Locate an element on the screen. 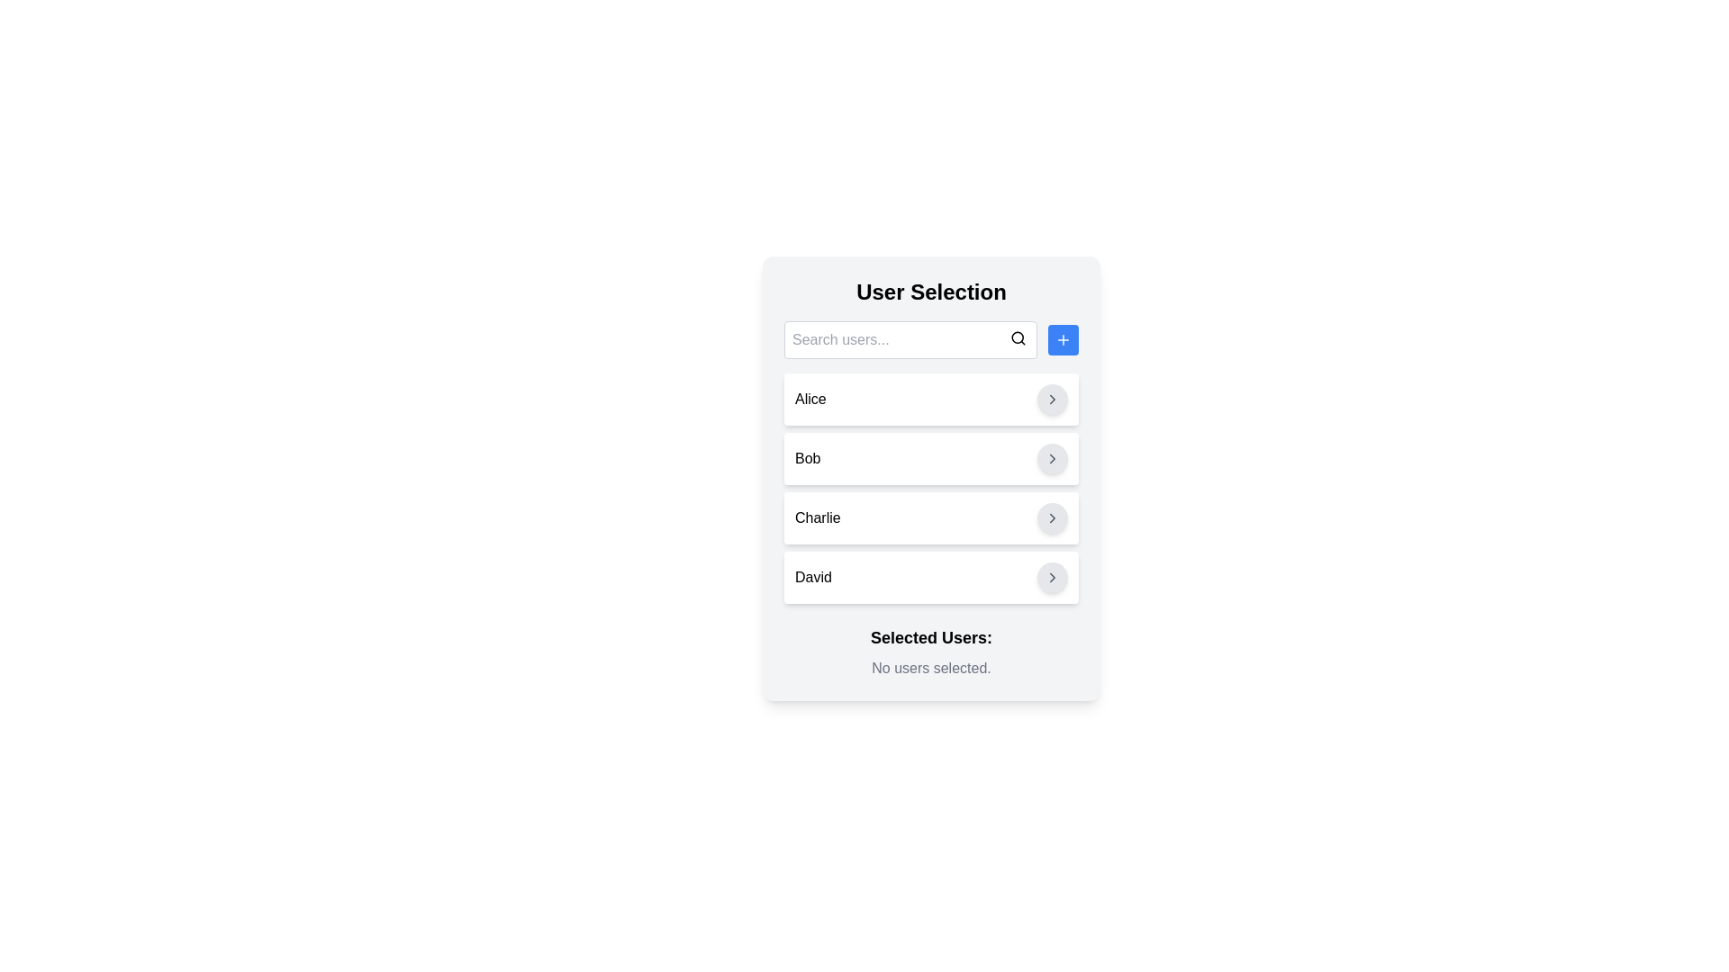 This screenshot has width=1729, height=972. the text label displaying the name 'Charlie', which is located in the third card of a vertical list of user entries, positioned between 'Bob' and 'David', and to the left of an arrow icon is located at coordinates (817, 517).